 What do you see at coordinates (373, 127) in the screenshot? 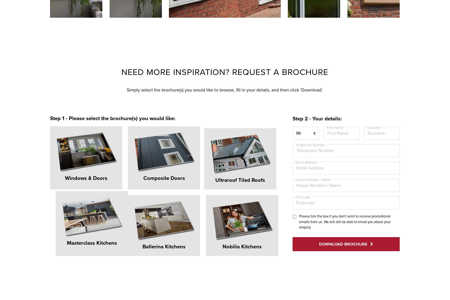
I see `'Surname'` at bounding box center [373, 127].